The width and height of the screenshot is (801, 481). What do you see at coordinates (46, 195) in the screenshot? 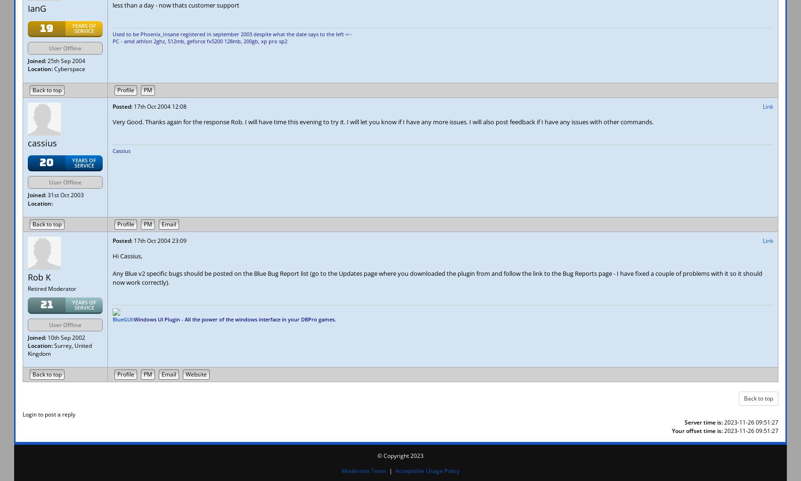
I see `'31st Oct 2003'` at bounding box center [46, 195].